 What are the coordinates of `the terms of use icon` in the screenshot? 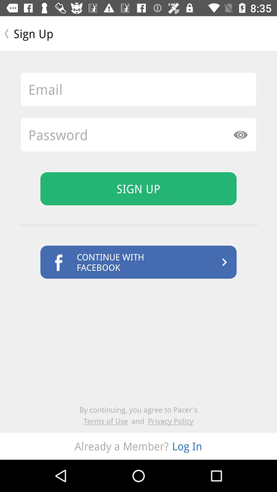 It's located at (107, 421).